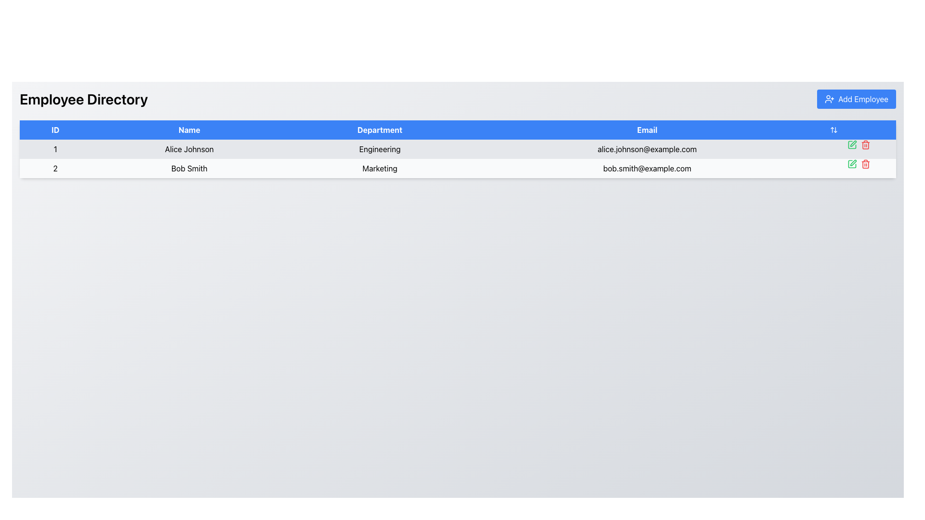 Image resolution: width=925 pixels, height=520 pixels. What do you see at coordinates (647, 149) in the screenshot?
I see `the static text label displaying 'alice.johnson@example.com' in the 'Email' column of the employee directory table, which is center-aligned and padded within its cell` at bounding box center [647, 149].